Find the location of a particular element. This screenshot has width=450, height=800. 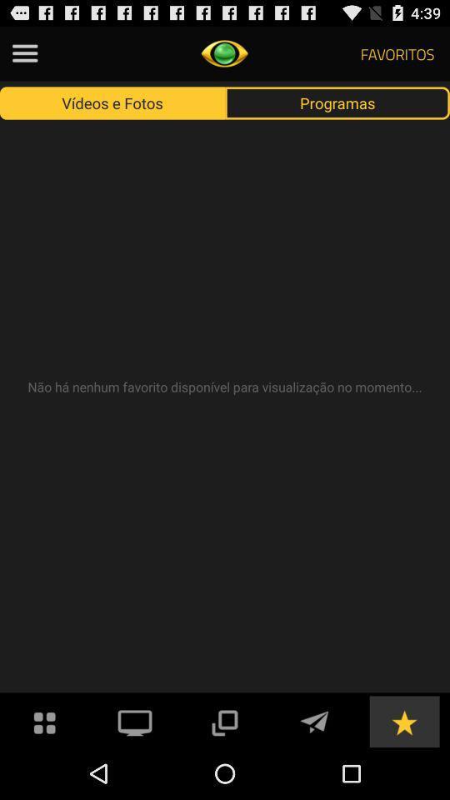

menu is located at coordinates (24, 53).